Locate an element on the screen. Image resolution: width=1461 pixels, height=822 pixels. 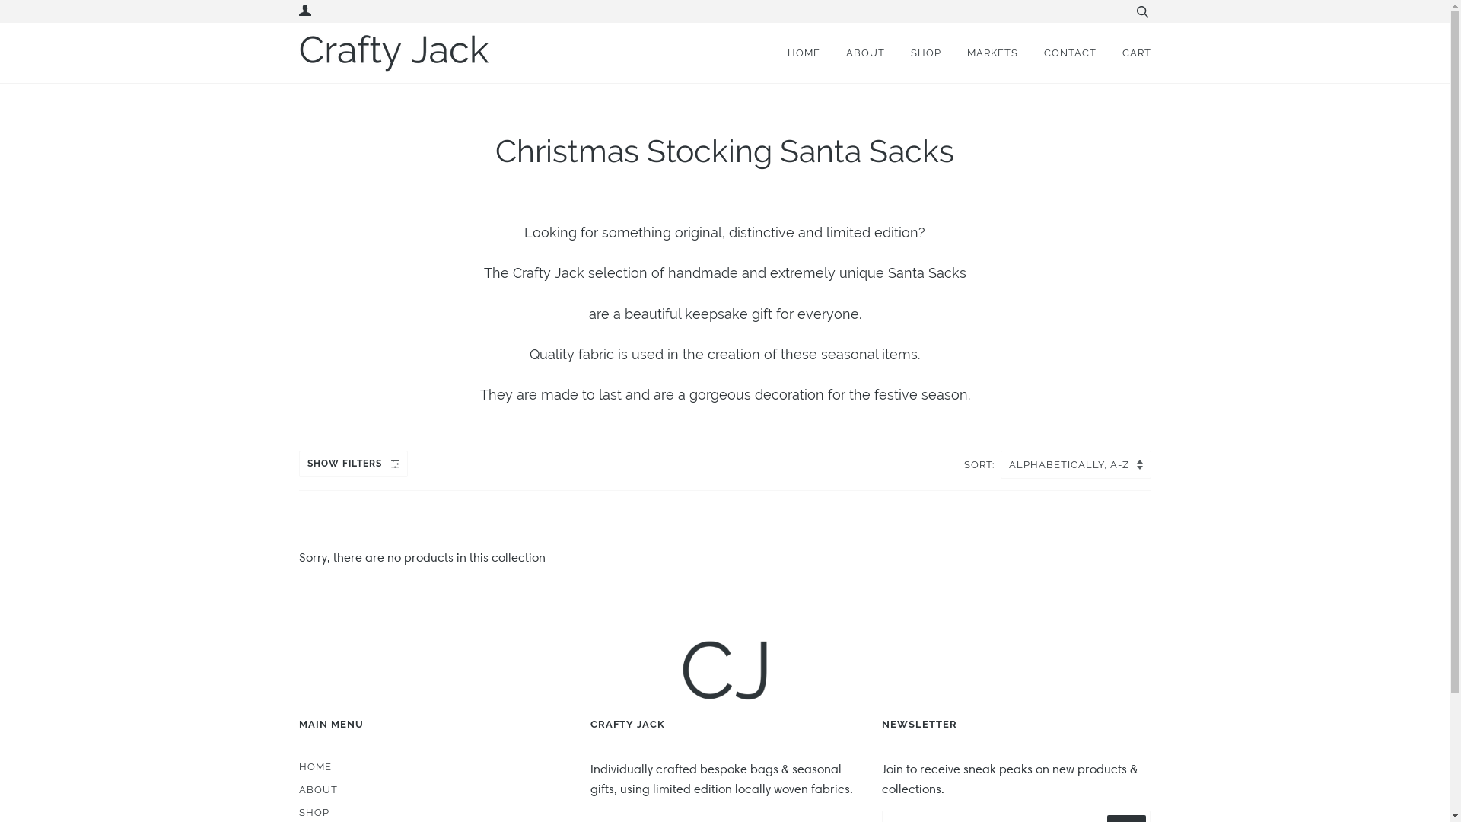
'CART' is located at coordinates (1125, 52).